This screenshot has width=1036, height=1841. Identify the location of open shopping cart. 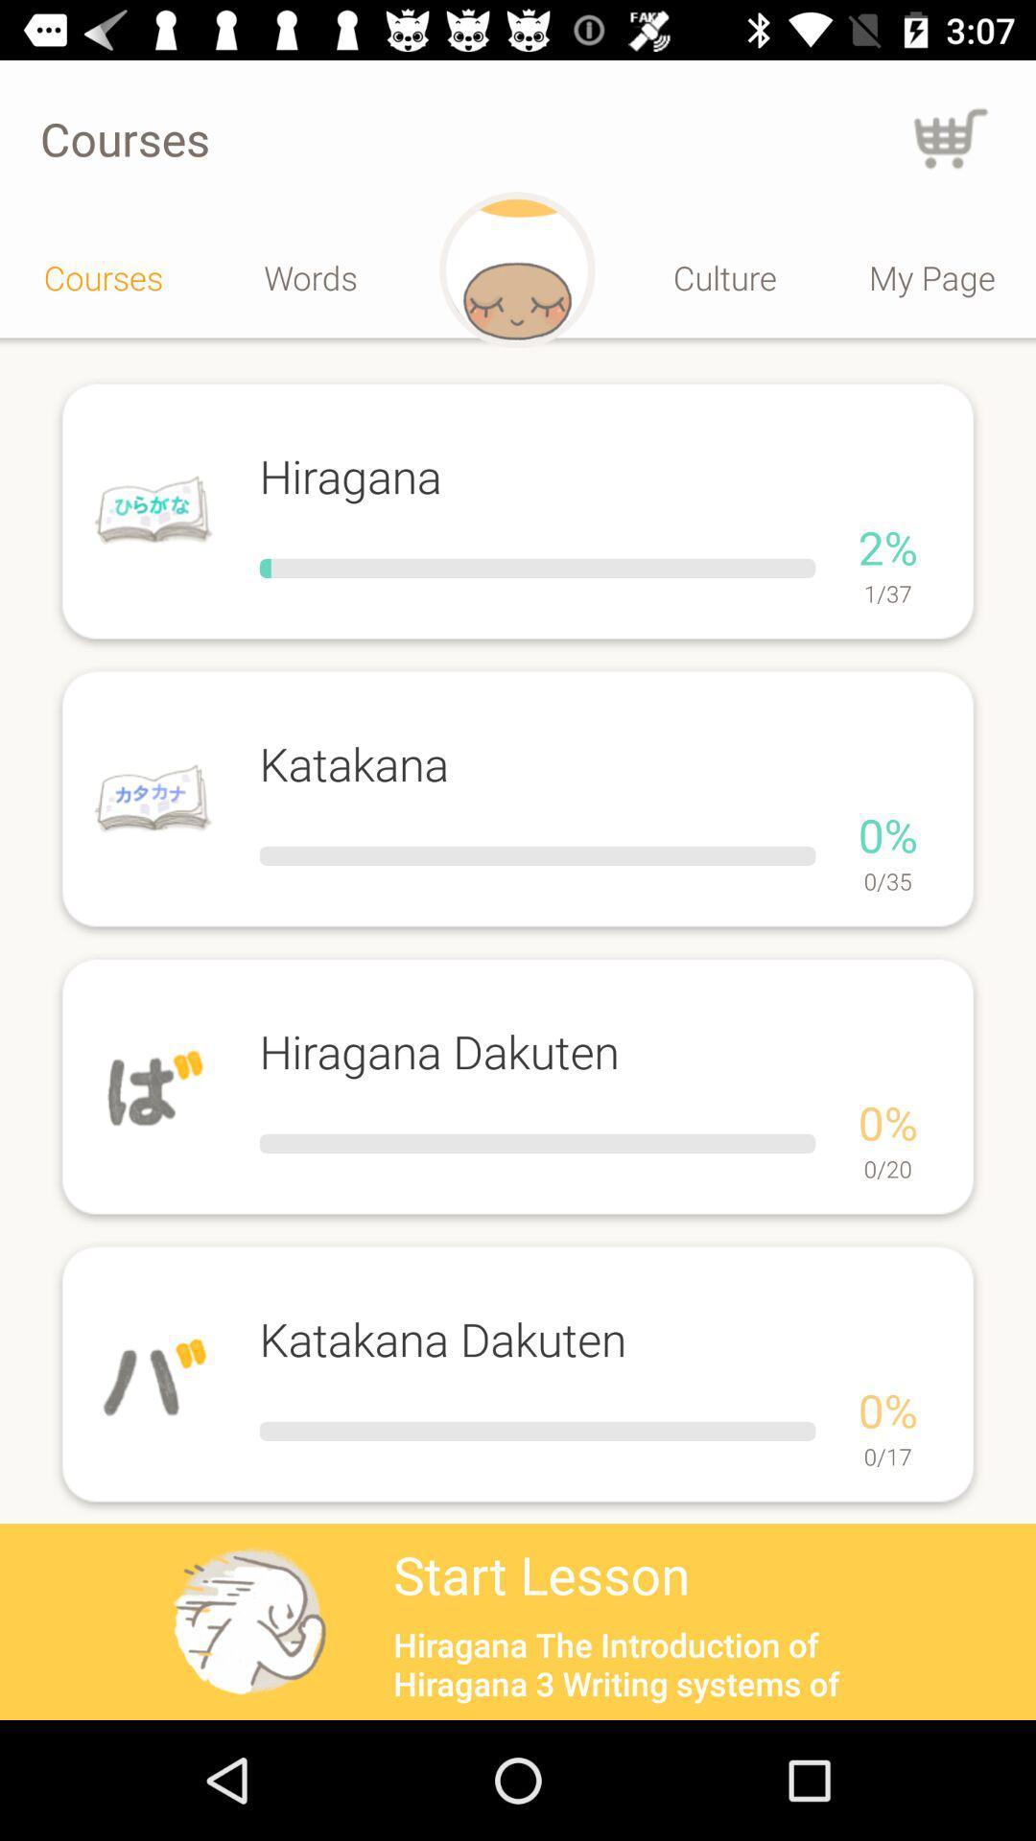
(951, 137).